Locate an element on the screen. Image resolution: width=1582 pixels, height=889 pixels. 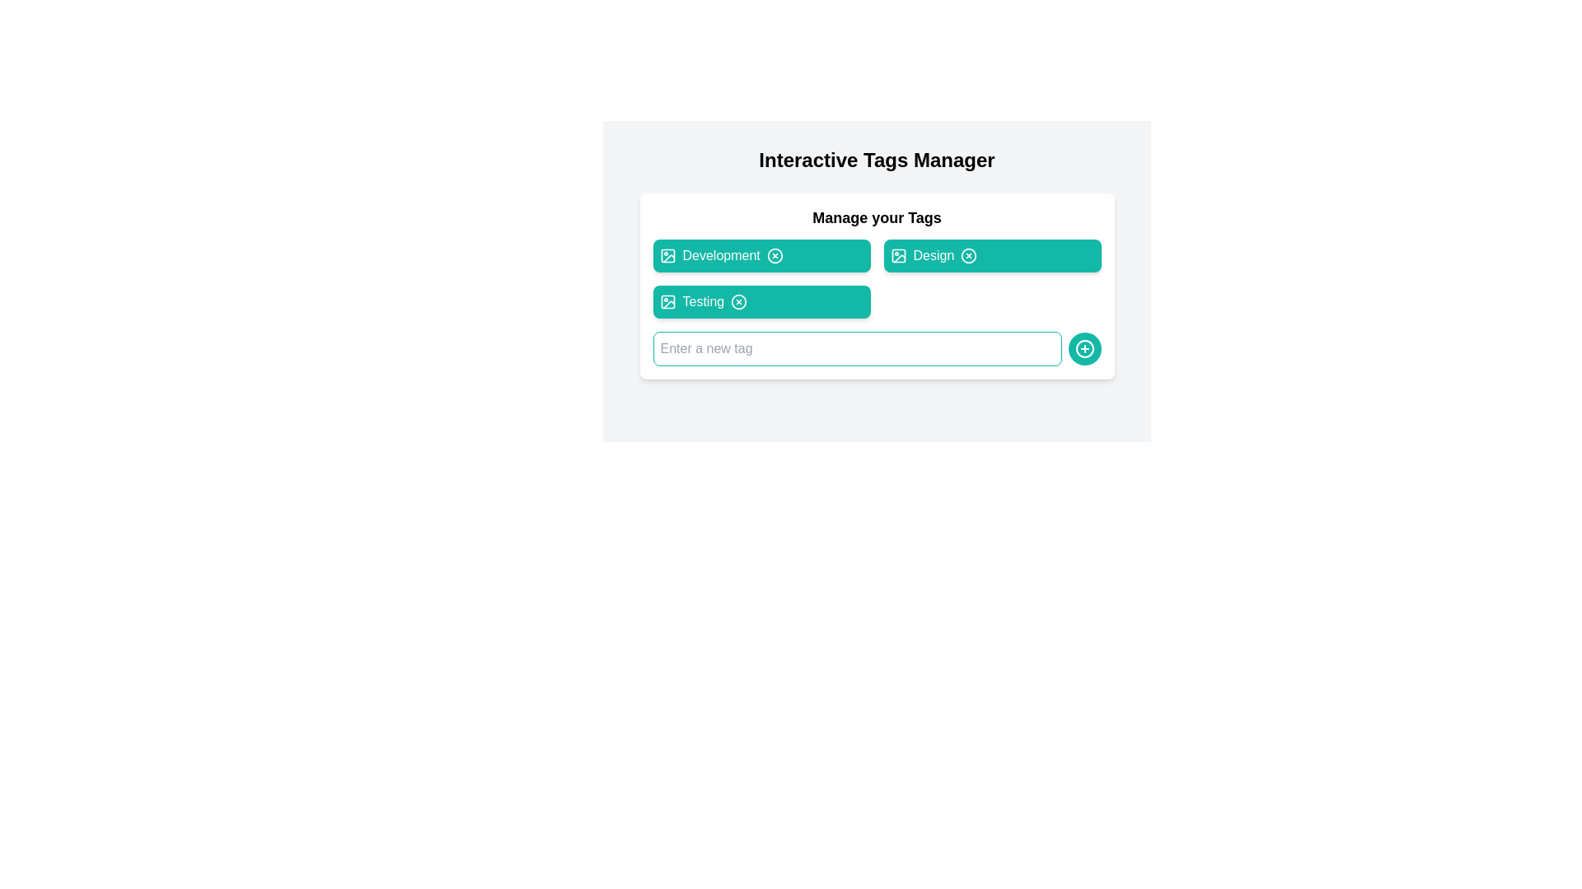
the 'Design' label which is positioned between an image icon and a close button is located at coordinates (934, 256).